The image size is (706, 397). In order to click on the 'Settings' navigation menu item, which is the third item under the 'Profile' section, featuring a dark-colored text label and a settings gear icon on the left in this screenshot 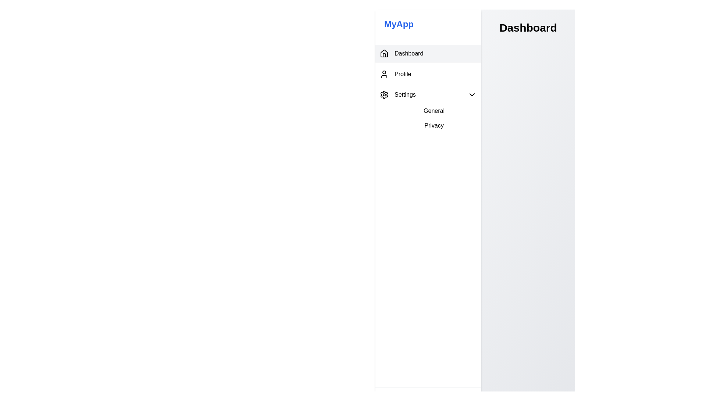, I will do `click(397, 94)`.